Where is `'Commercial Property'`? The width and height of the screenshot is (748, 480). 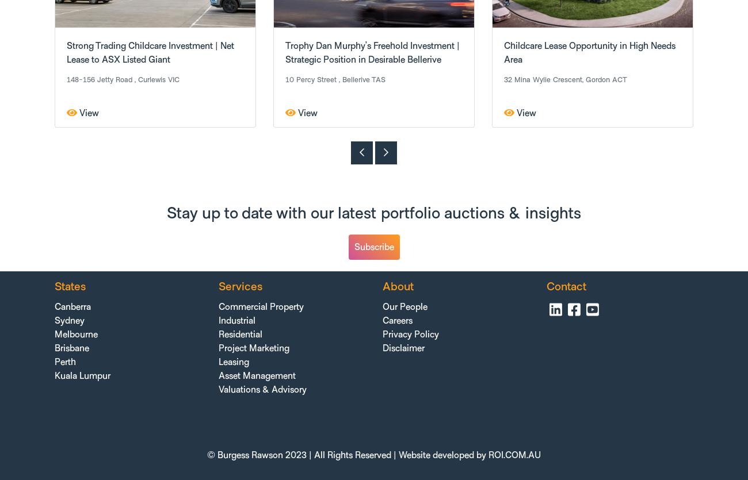
'Commercial Property' is located at coordinates (260, 306).